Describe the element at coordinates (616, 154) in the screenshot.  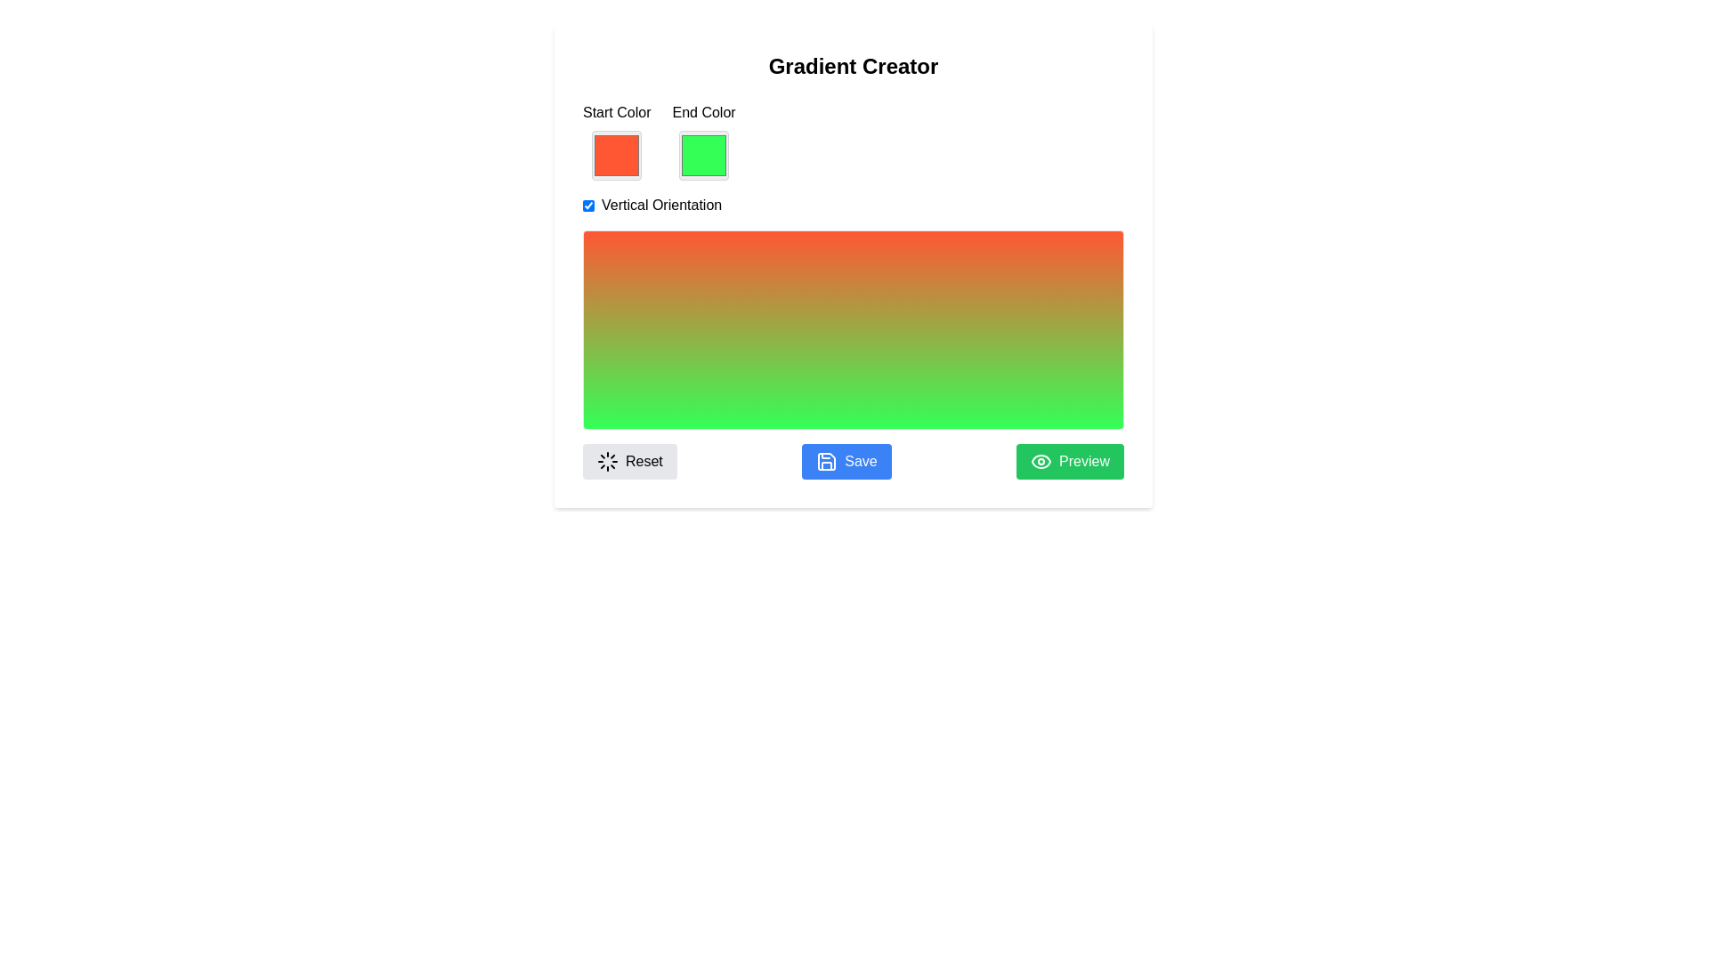
I see `the Button (Color Picker) located in the top-left area of the gradient customization interface` at that location.